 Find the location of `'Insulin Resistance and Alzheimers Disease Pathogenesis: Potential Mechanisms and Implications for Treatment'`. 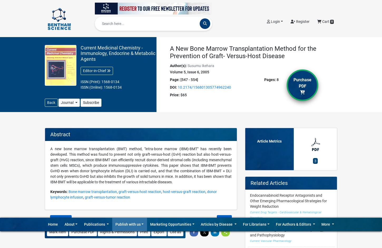

'Insulin Resistance and Alzheimers Disease Pathogenesis: Potential Mechanisms and Implications for Treatment' is located at coordinates (284, 63).